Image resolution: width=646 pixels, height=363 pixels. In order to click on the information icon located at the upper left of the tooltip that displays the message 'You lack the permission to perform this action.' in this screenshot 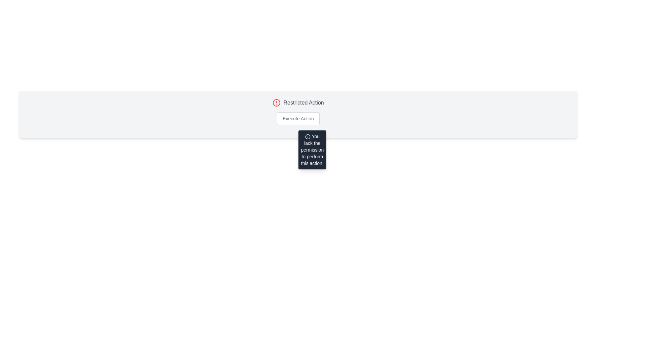, I will do `click(307, 136)`.